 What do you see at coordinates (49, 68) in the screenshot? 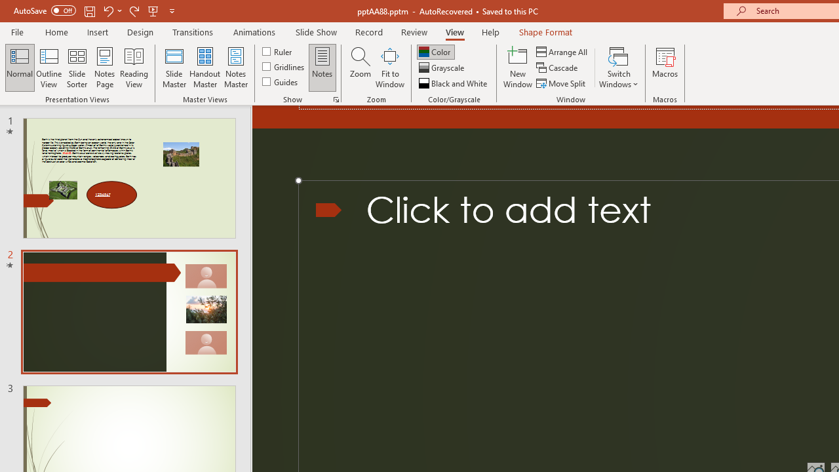
I see `'Outline View'` at bounding box center [49, 68].